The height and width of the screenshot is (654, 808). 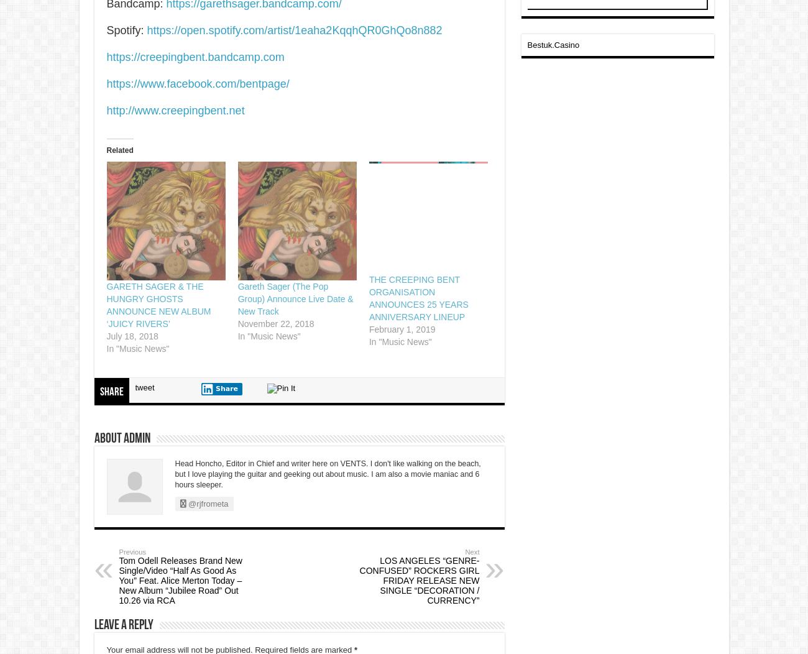 What do you see at coordinates (93, 625) in the screenshot?
I see `'Leave a Reply'` at bounding box center [93, 625].